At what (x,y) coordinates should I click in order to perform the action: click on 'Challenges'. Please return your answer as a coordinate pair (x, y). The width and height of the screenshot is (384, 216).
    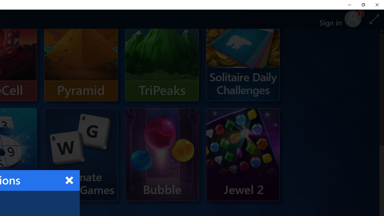
    Looking at the image, I should click on (243, 55).